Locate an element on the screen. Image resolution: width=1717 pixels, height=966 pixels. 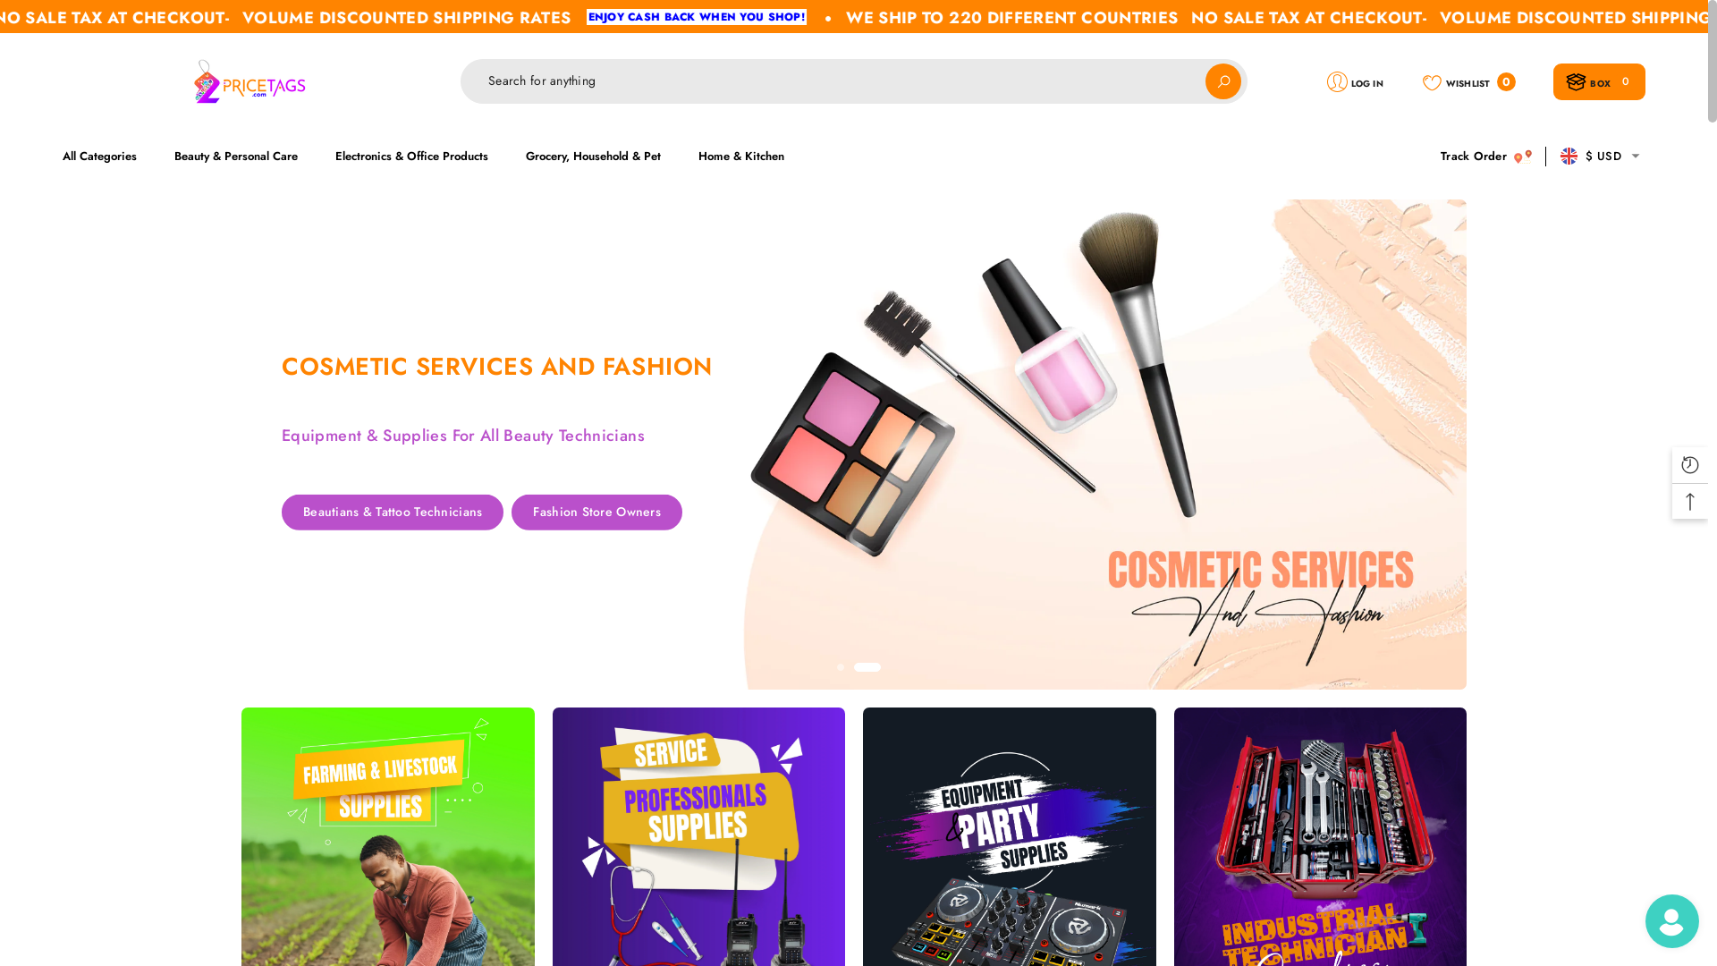
'Fashion Store Owners' is located at coordinates (596, 547).